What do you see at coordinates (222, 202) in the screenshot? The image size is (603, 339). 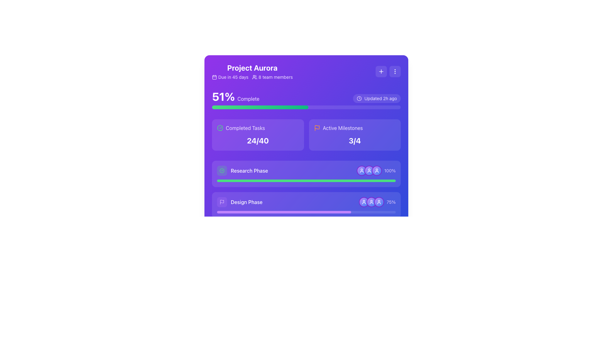 I see `the purple flag icon located in the rounded background area, which is the second item on the right side of a compact rectangular feature segment` at bounding box center [222, 202].